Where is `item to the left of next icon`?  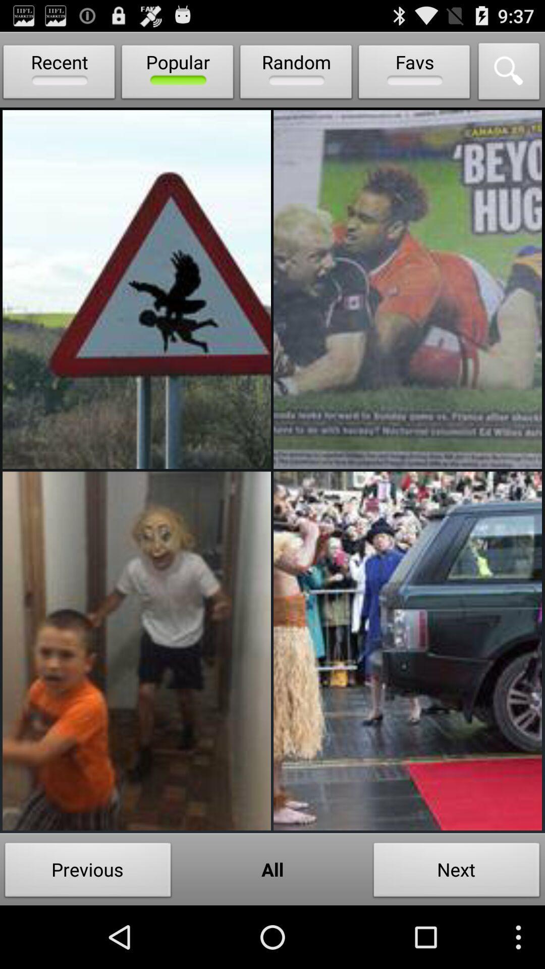 item to the left of next icon is located at coordinates (272, 869).